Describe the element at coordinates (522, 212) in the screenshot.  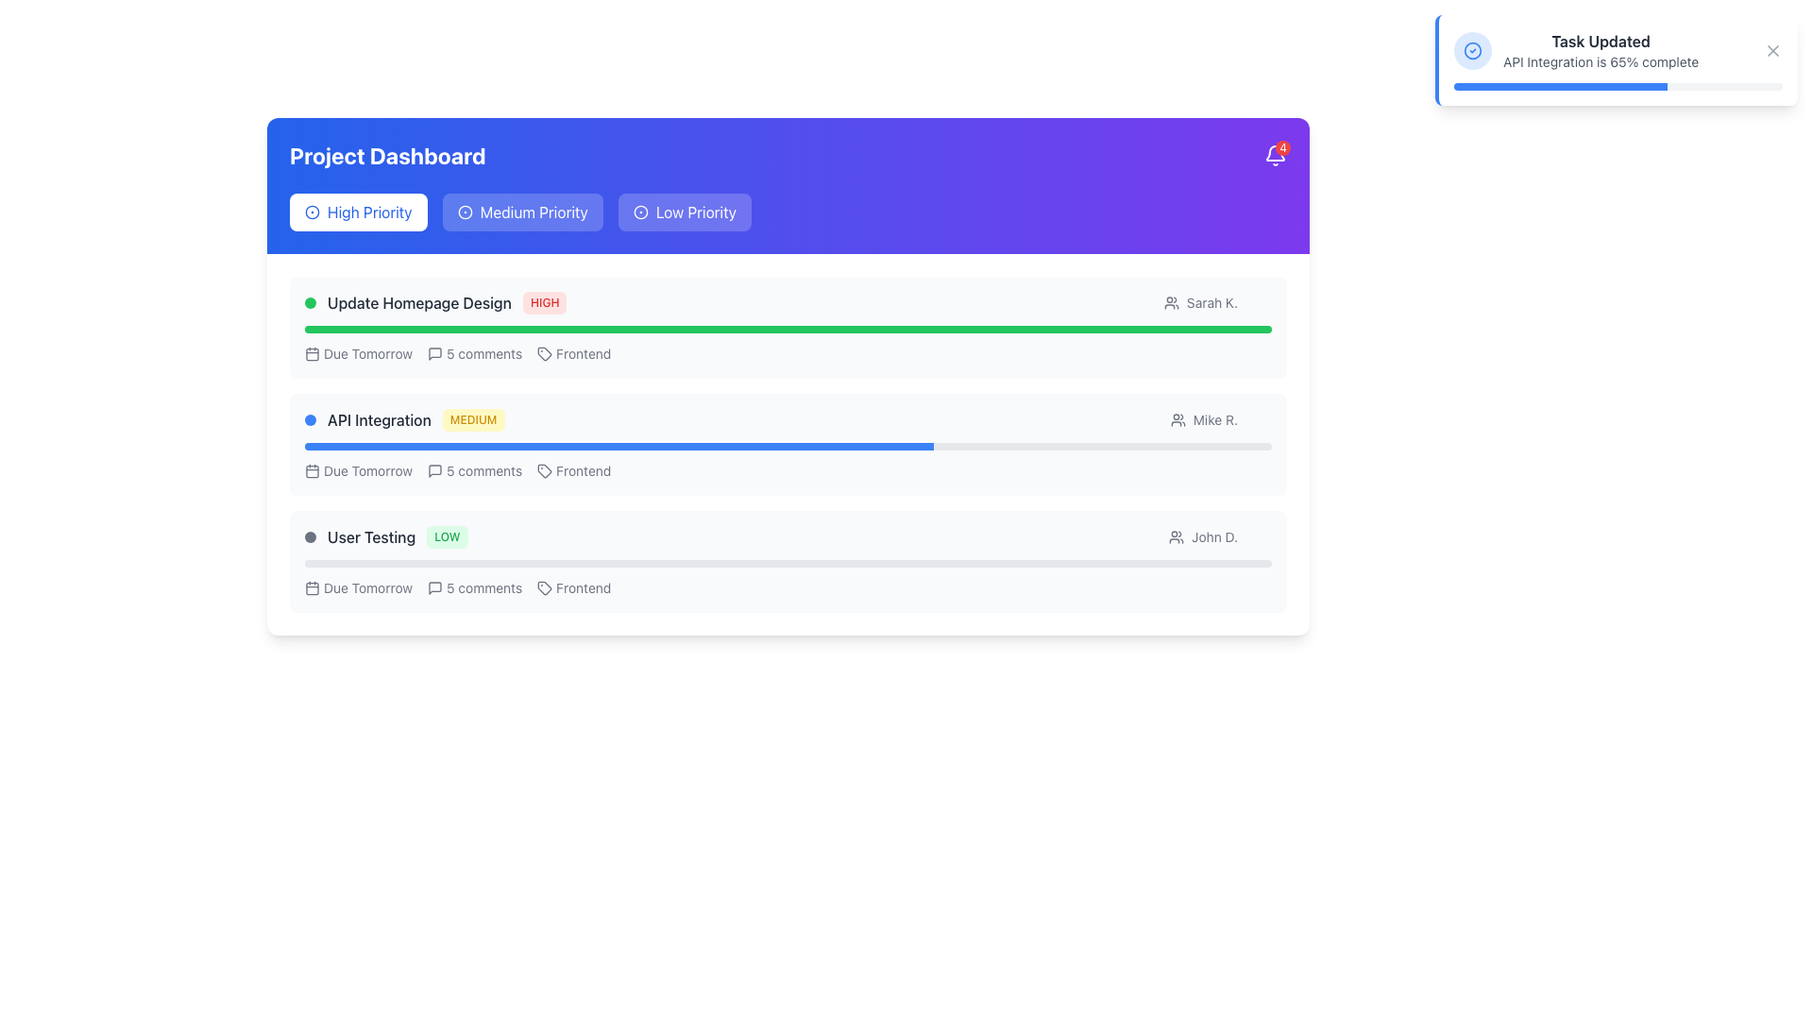
I see `the second button in the group of three, which filters tasks marked as 'Medium Priority'` at that location.